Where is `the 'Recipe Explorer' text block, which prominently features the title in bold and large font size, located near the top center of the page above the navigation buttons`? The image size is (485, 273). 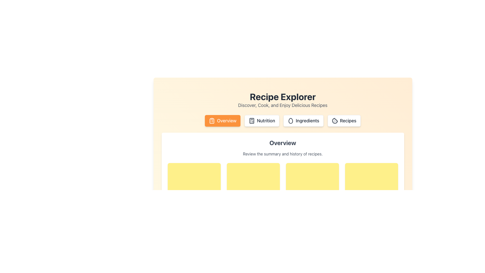
the 'Recipe Explorer' text block, which prominently features the title in bold and large font size, located near the top center of the page above the navigation buttons is located at coordinates (282, 100).